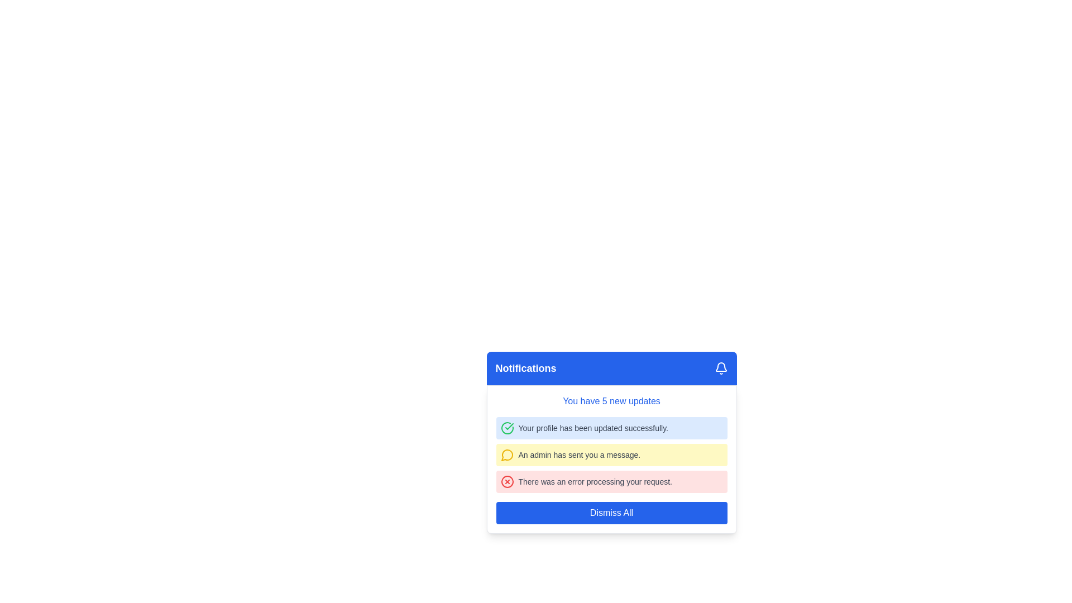 The height and width of the screenshot is (603, 1072). I want to click on the circular comment bubble icon in light yellow color associated with the notification titled 'An admin has sent you a message.', so click(506, 454).